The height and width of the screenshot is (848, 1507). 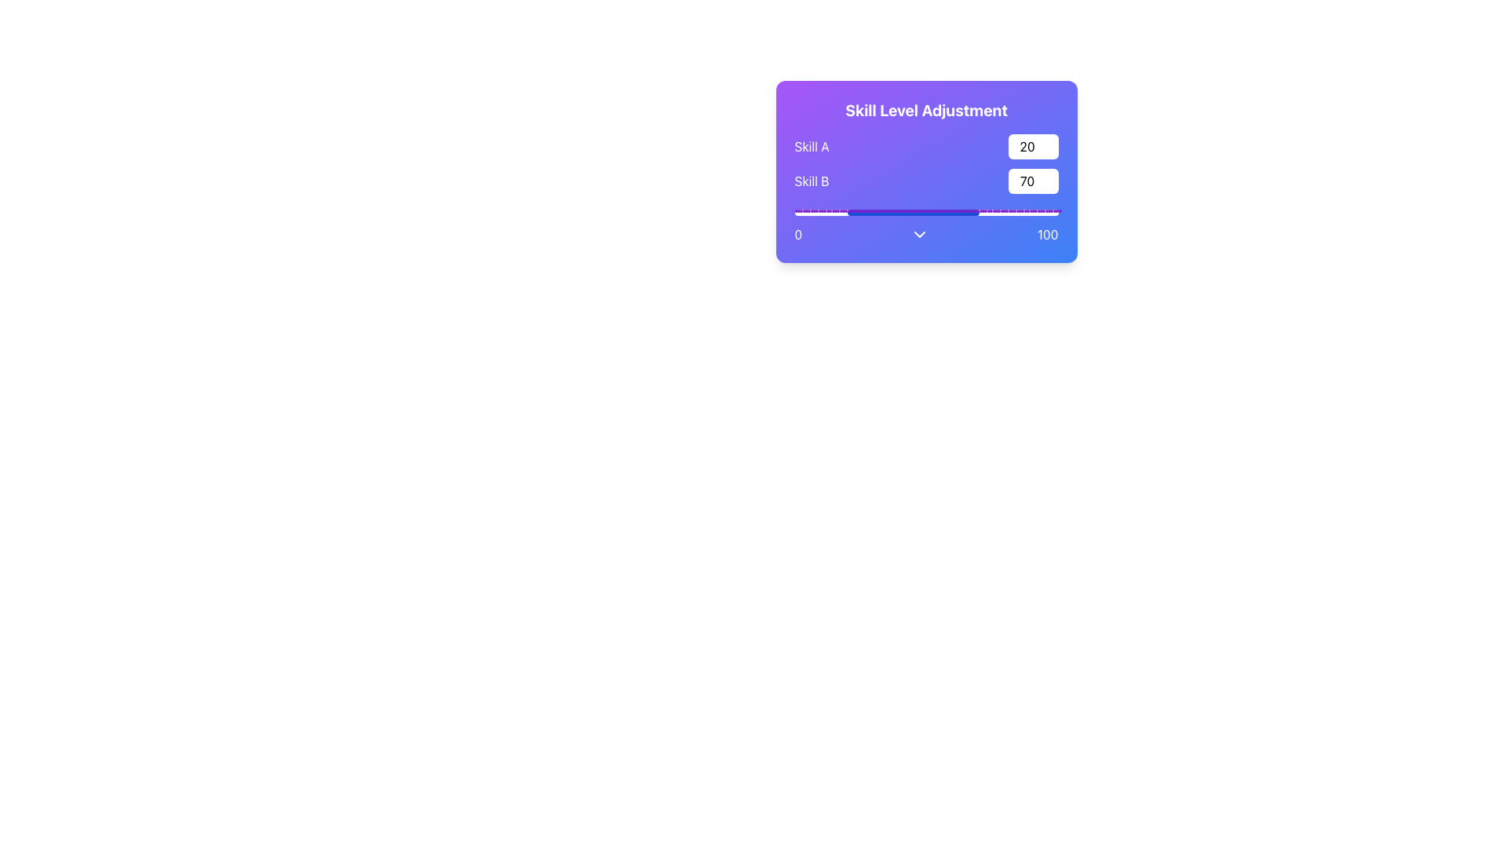 What do you see at coordinates (926, 146) in the screenshot?
I see `to select text in the input box of the 'Skill A' indicator located above 'Skill B' under 'Skill Level Adjustment.'` at bounding box center [926, 146].